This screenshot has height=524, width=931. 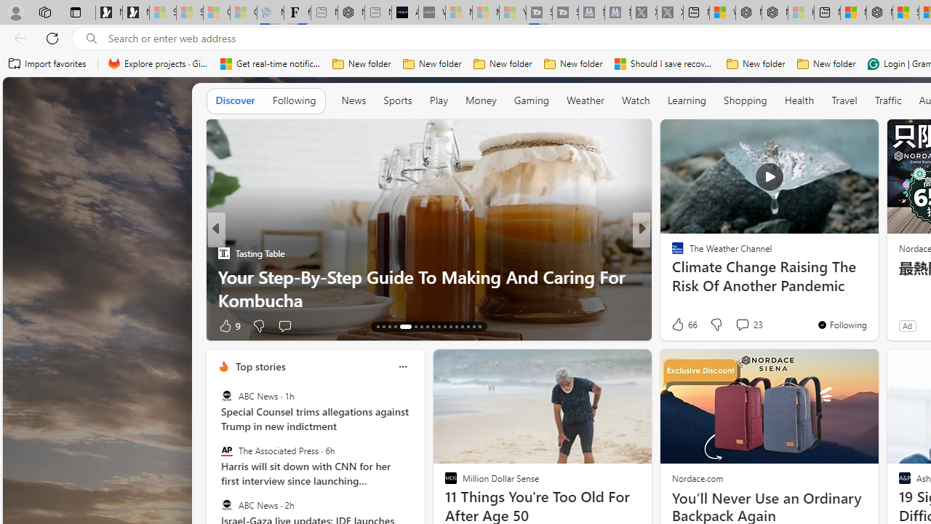 What do you see at coordinates (742, 325) in the screenshot?
I see `'View comments 7 Comment'` at bounding box center [742, 325].